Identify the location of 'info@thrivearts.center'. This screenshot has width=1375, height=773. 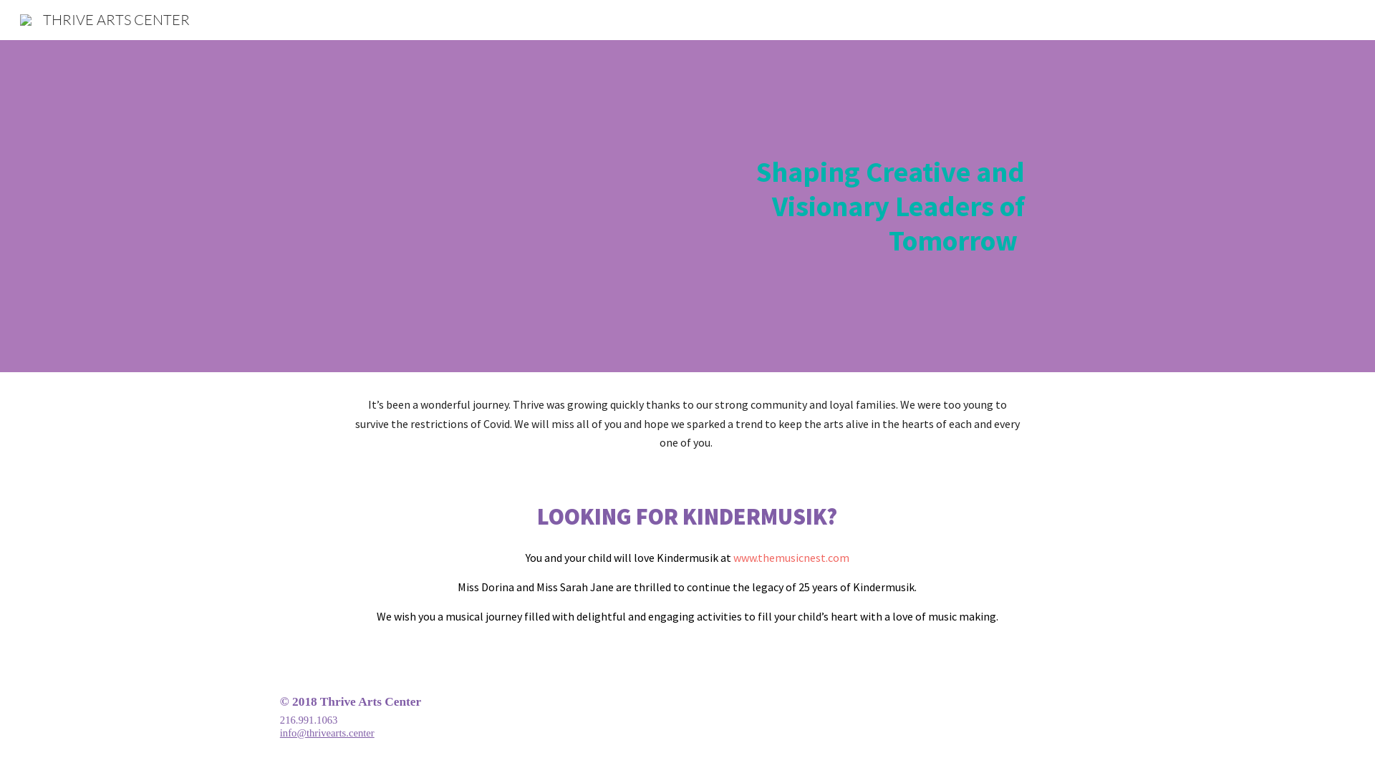
(326, 732).